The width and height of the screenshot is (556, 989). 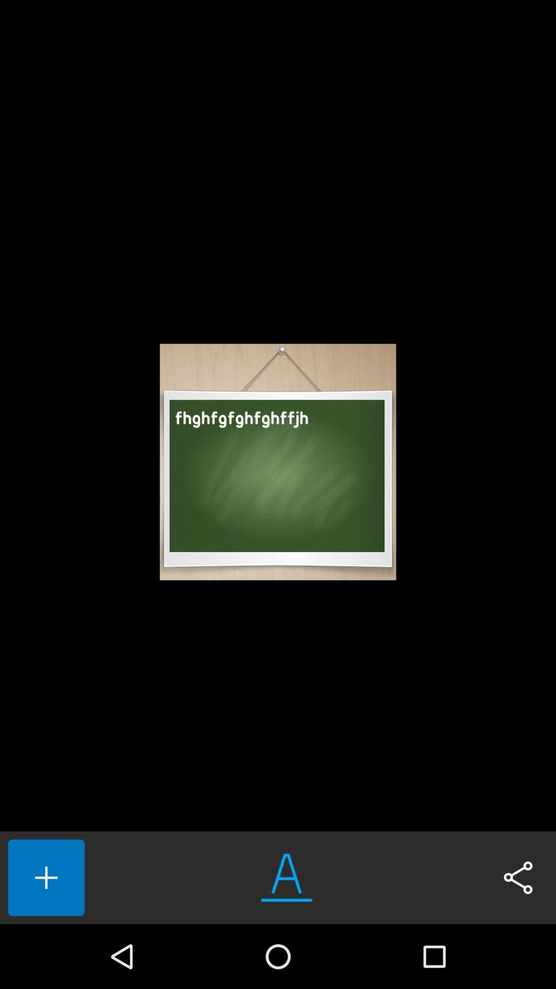 What do you see at coordinates (45, 877) in the screenshot?
I see `the add icon` at bounding box center [45, 877].